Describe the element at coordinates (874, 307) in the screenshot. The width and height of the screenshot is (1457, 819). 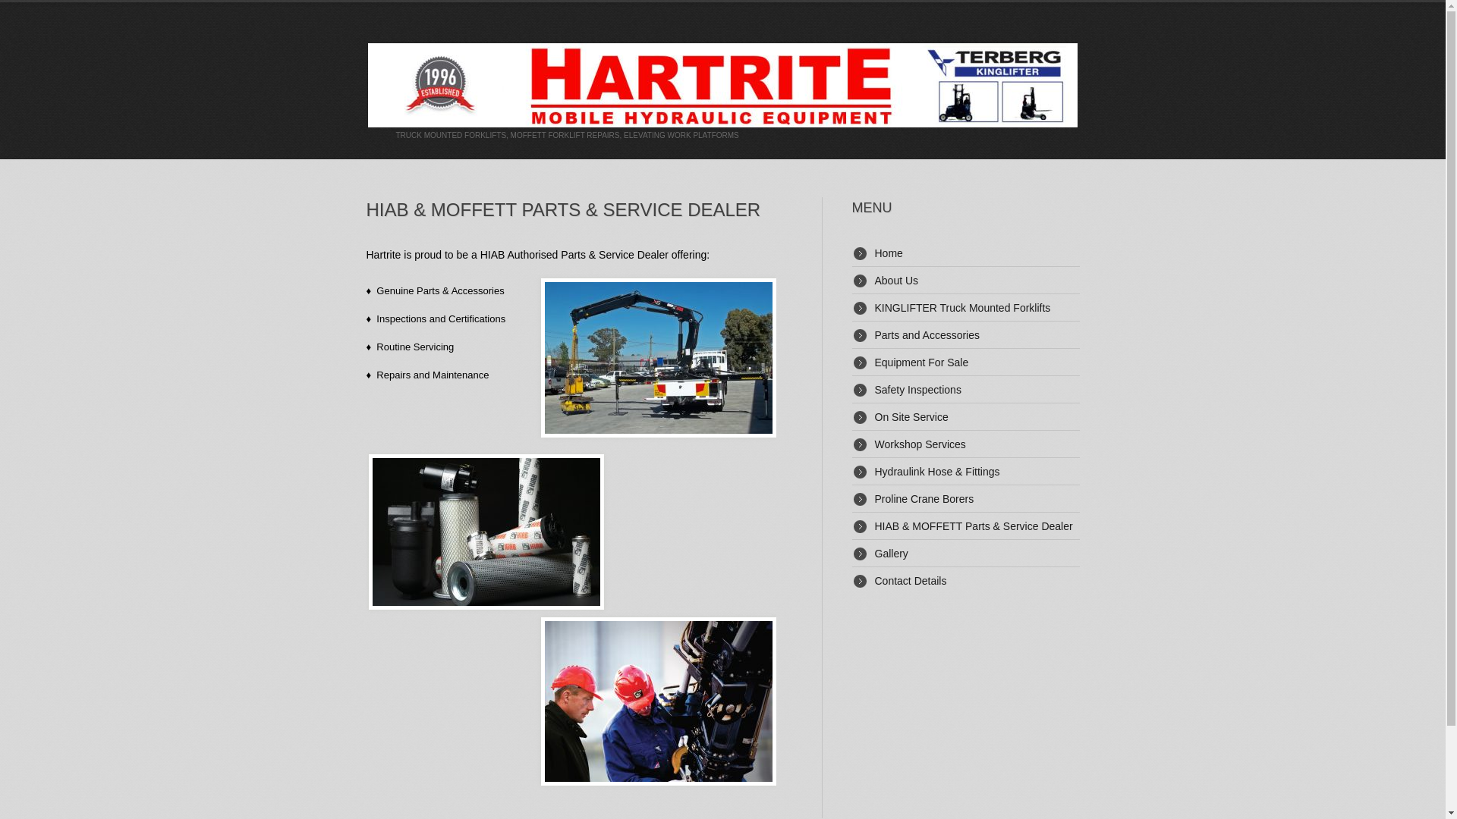
I see `'KINGLIFTER Truck Mounted Forklifts'` at that location.